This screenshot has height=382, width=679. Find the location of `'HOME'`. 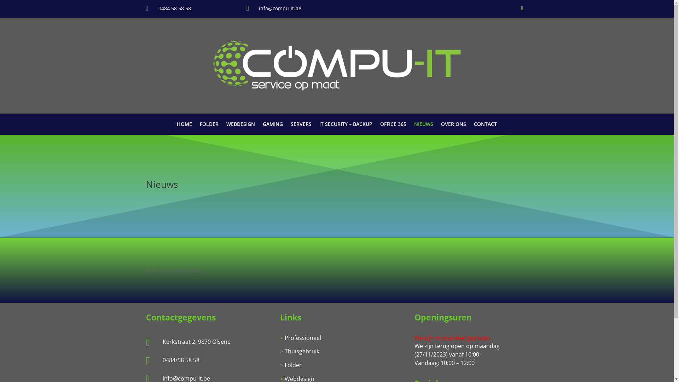

'HOME' is located at coordinates (184, 125).